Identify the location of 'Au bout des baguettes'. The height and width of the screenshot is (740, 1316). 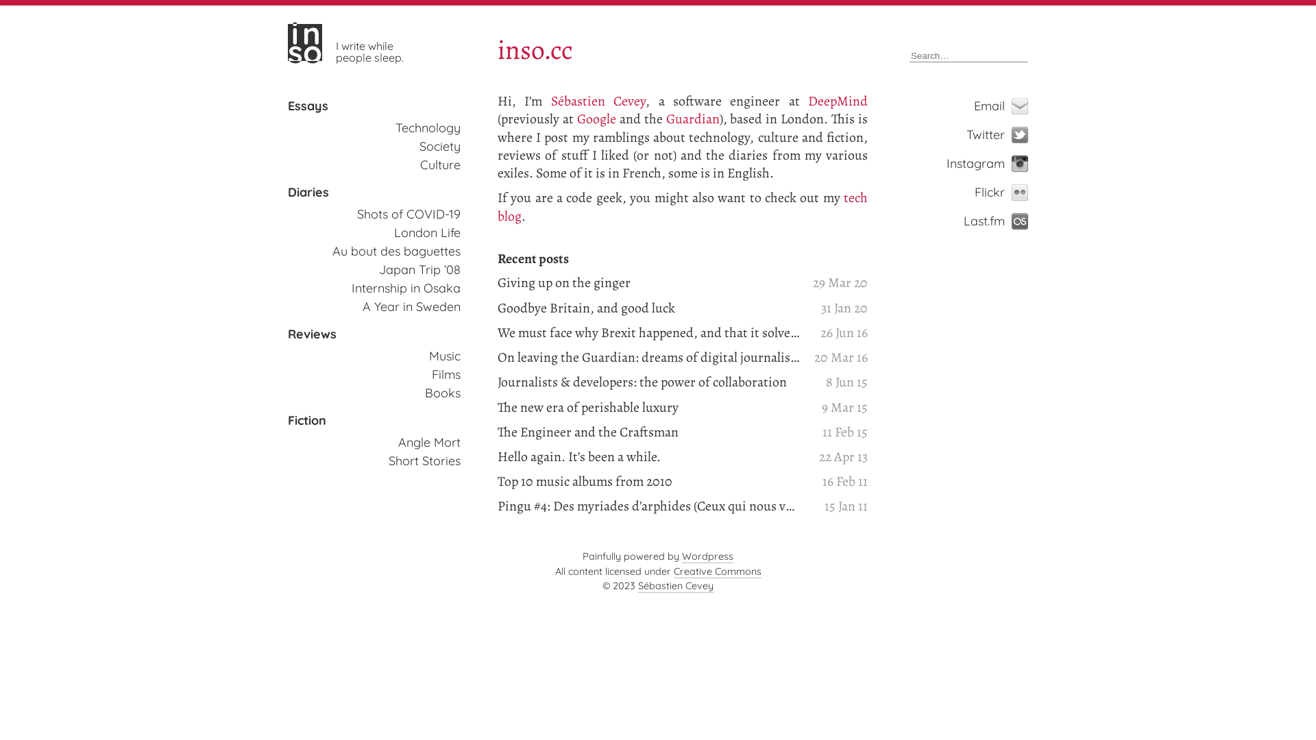
(395, 251).